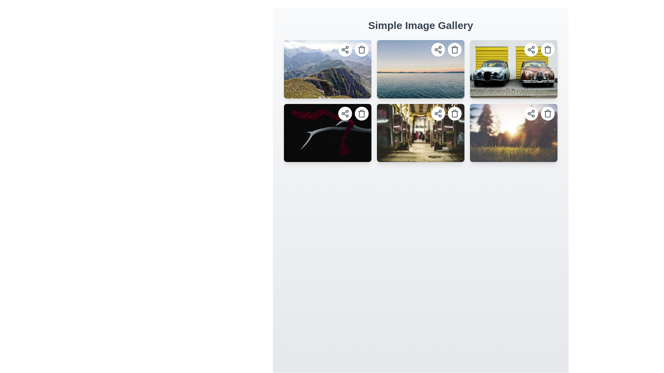 The image size is (664, 373). What do you see at coordinates (446, 113) in the screenshot?
I see `the compact circular delete button with a trash icon located at the top-right corner of the image in the second row, third column of the gallery grid` at bounding box center [446, 113].